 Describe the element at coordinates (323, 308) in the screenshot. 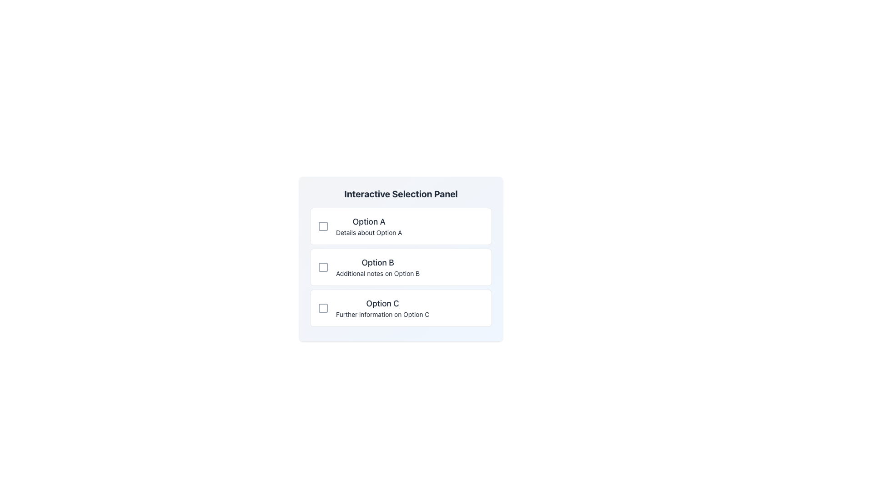

I see `the Checkbox associated with 'Option C' to enable keyboard interaction` at that location.